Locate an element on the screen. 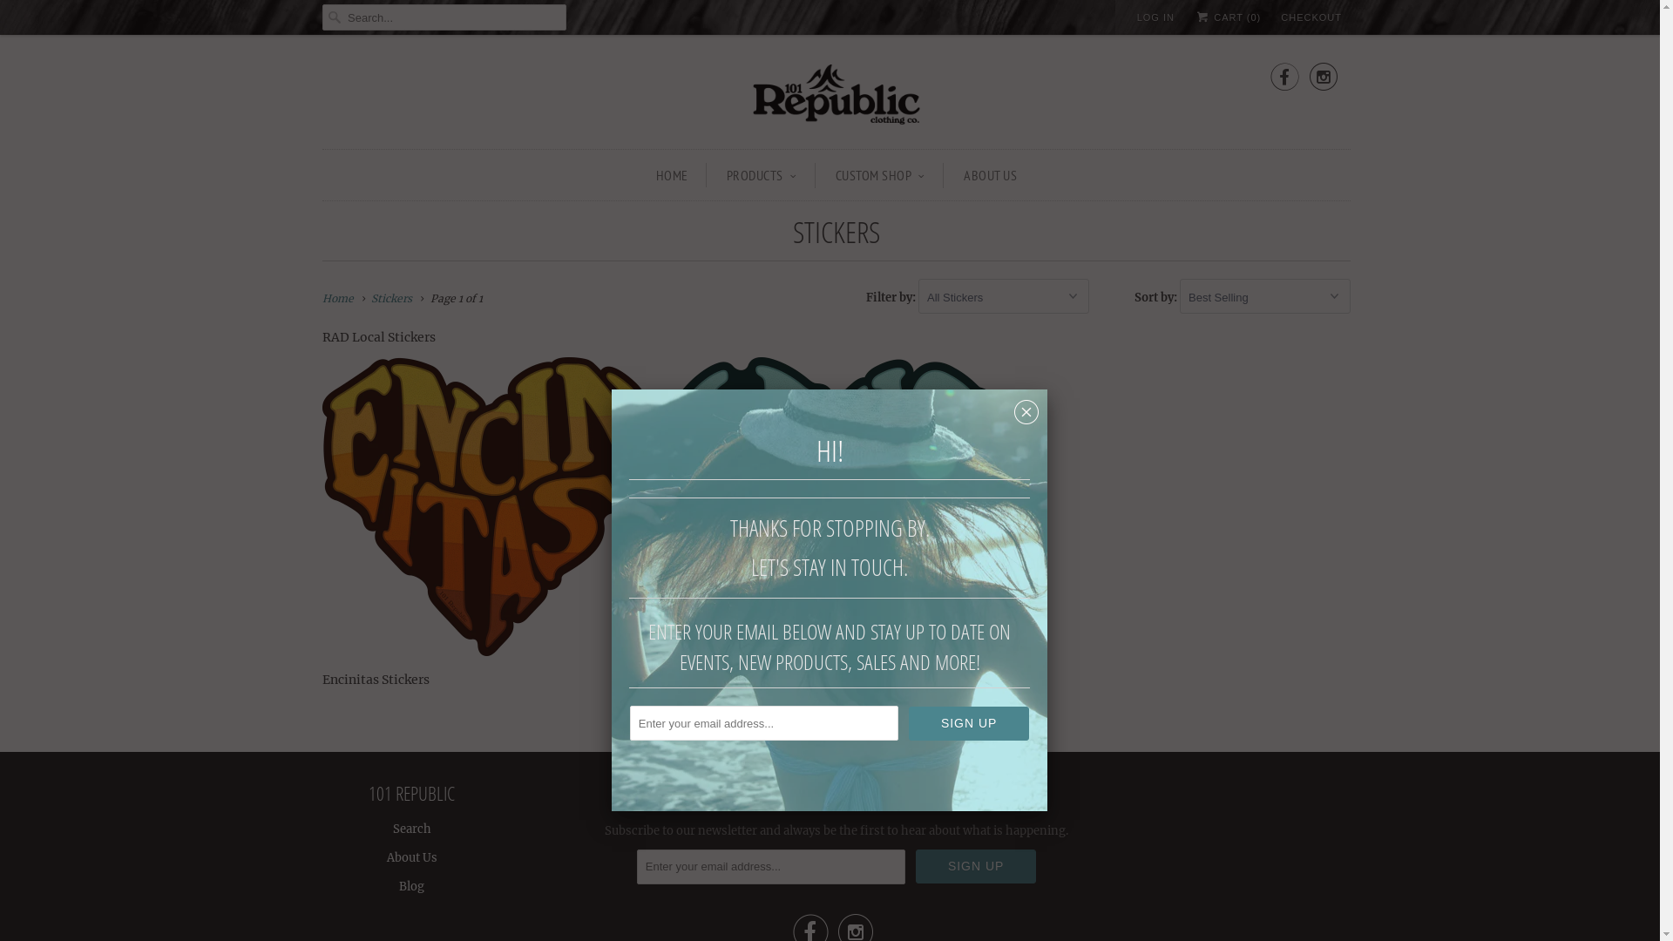 This screenshot has width=1673, height=941. 'Stickers' is located at coordinates (370, 297).